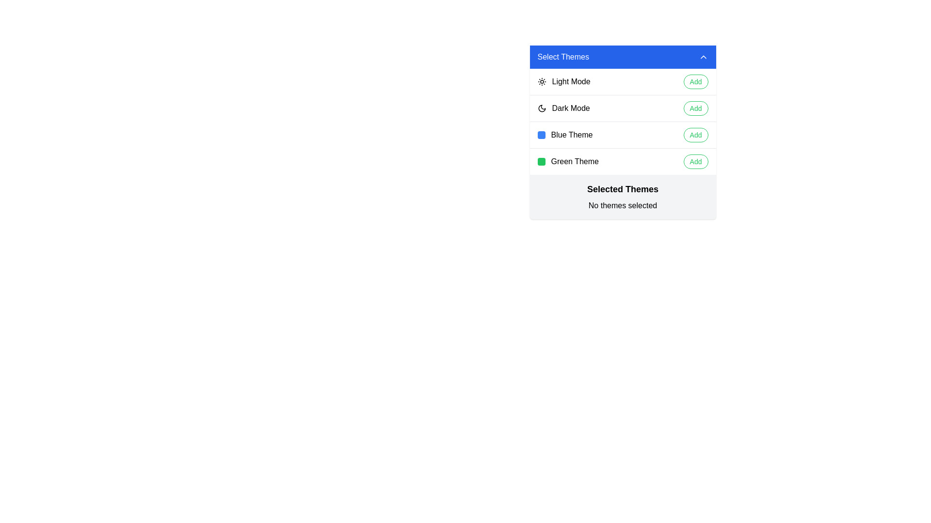 The height and width of the screenshot is (523, 931). What do you see at coordinates (695, 161) in the screenshot?
I see `the button that allows users to add the 'Green Theme', located in the rightmost position of the row labeled 'Green Theme'` at bounding box center [695, 161].